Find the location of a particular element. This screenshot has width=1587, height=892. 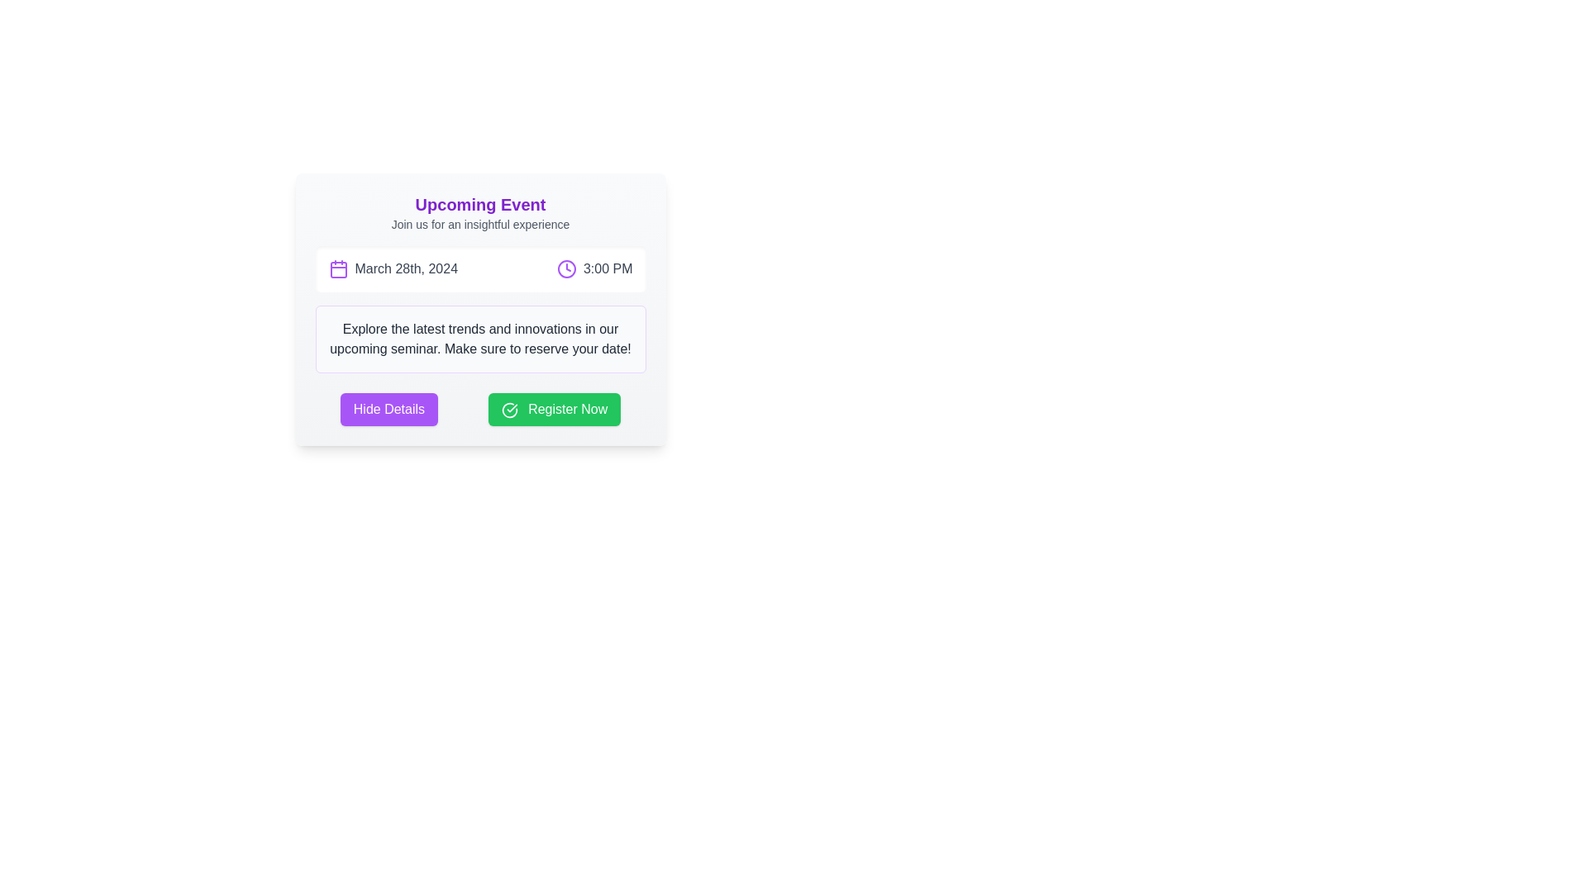

the text element that displays 'Join us for an insightful experience', which is styled in gray and located beneath the 'Upcoming Event' title is located at coordinates (479, 225).